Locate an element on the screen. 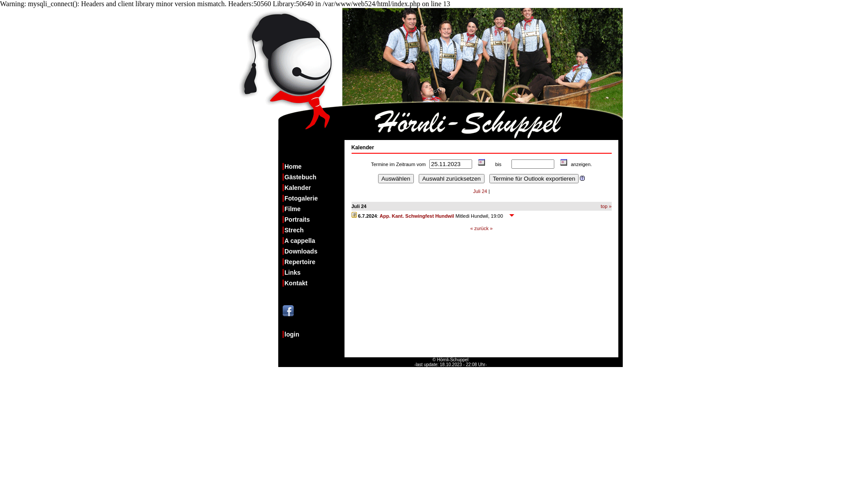 The image size is (848, 477). 'App. Kant. Schwingfest Hundwil' is located at coordinates (416, 216).